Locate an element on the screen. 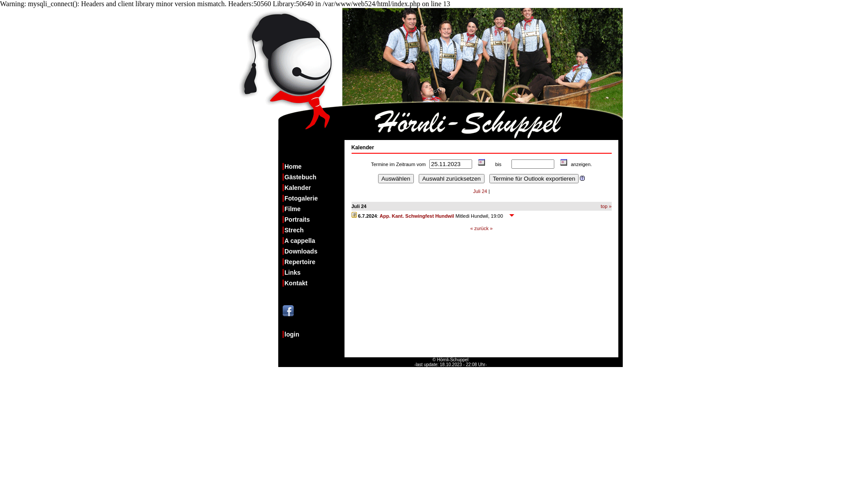 The image size is (848, 477). 'App. Kant. Schwingfest Hundwil' is located at coordinates (416, 216).